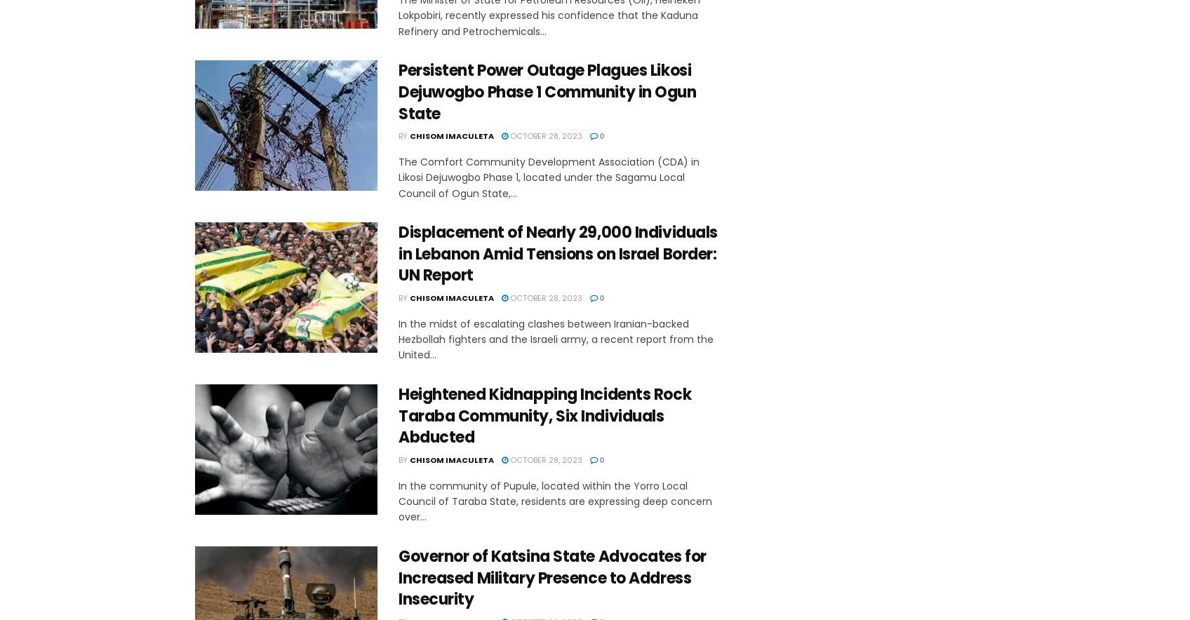  What do you see at coordinates (398, 338) in the screenshot?
I see `'In the midst of escalating clashes between Iranian-backed Hezbollah fighters and the Israeli army, a recent report from the United...'` at bounding box center [398, 338].